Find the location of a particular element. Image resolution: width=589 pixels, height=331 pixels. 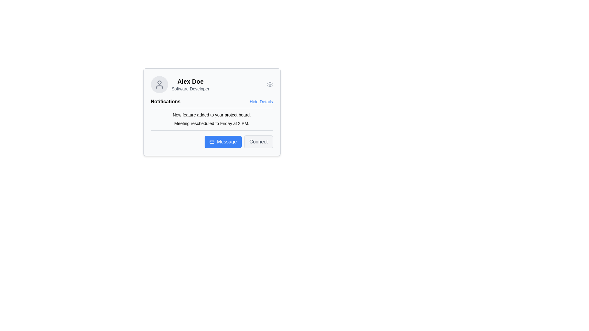

the interactive link 'Hide Details' within the 'Notifications' section to trigger a tooltip or styling change is located at coordinates (212, 101).